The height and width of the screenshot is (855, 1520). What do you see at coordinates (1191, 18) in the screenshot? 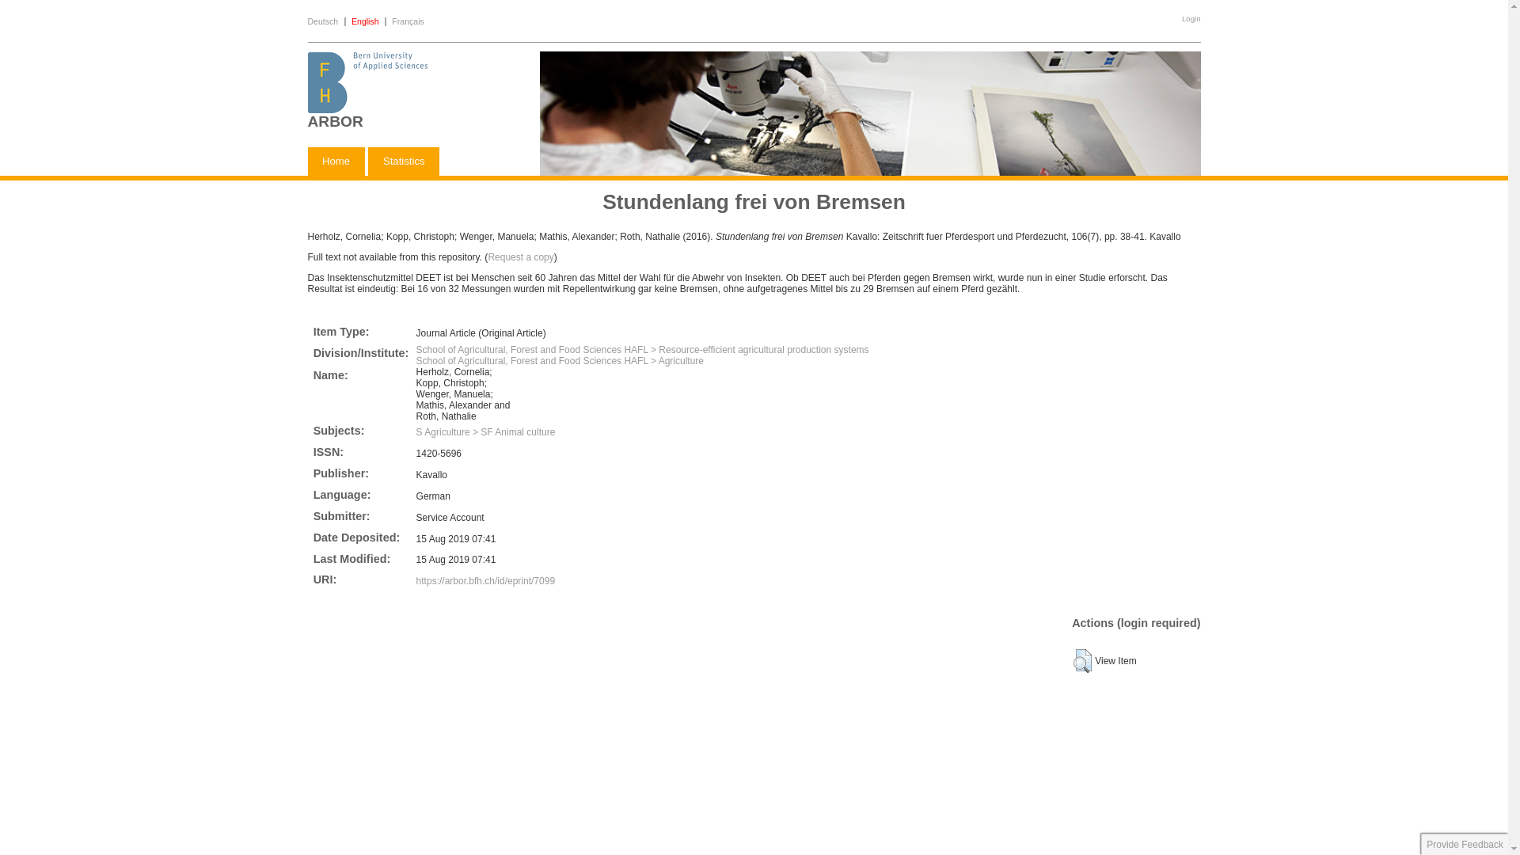
I see `'Login'` at bounding box center [1191, 18].